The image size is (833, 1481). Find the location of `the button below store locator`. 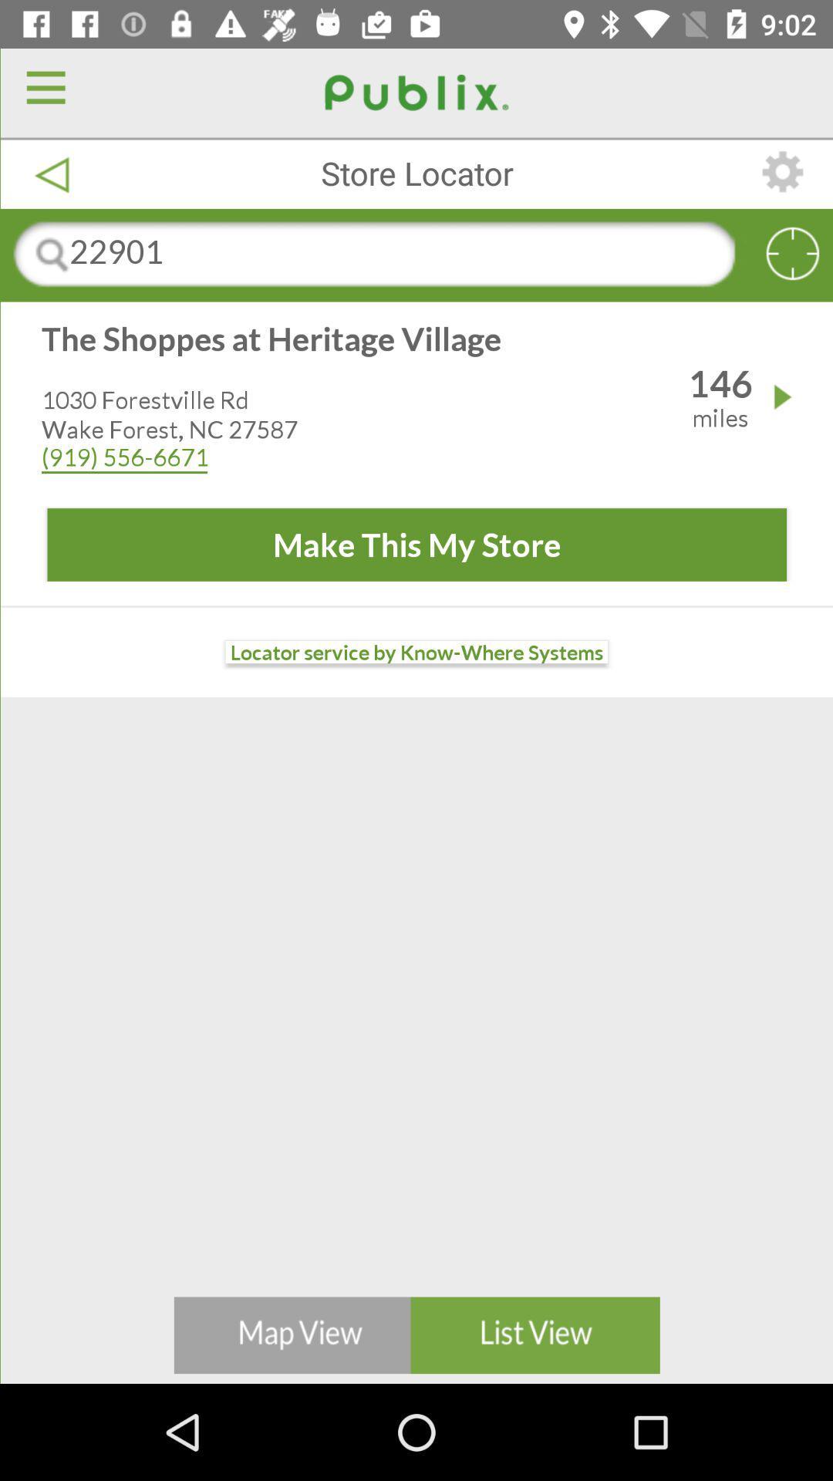

the button below store locator is located at coordinates (416, 255).